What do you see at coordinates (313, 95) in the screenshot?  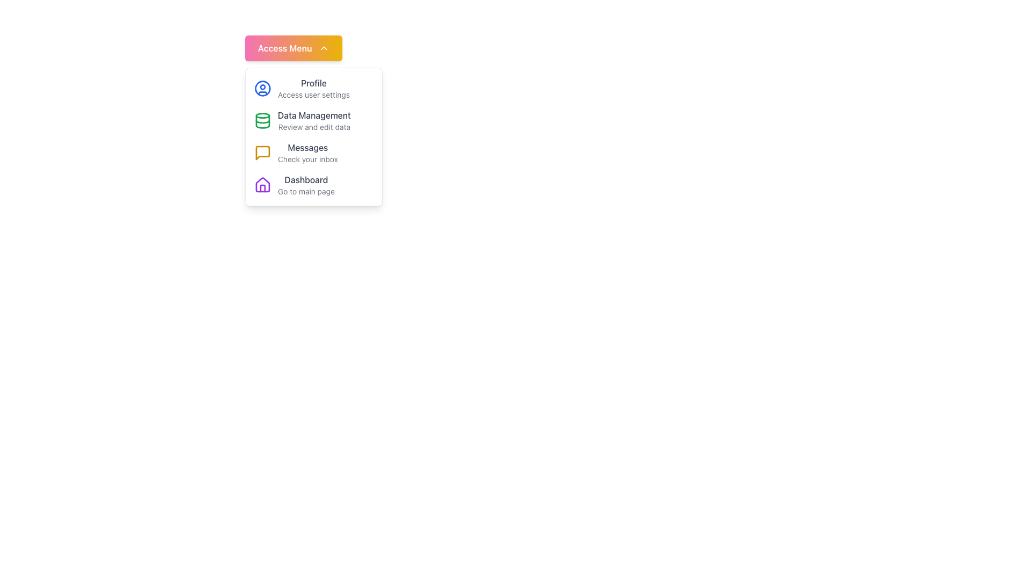 I see `the 'Access user settings' text label located under the 'Profile' label in the dropdown menu` at bounding box center [313, 95].